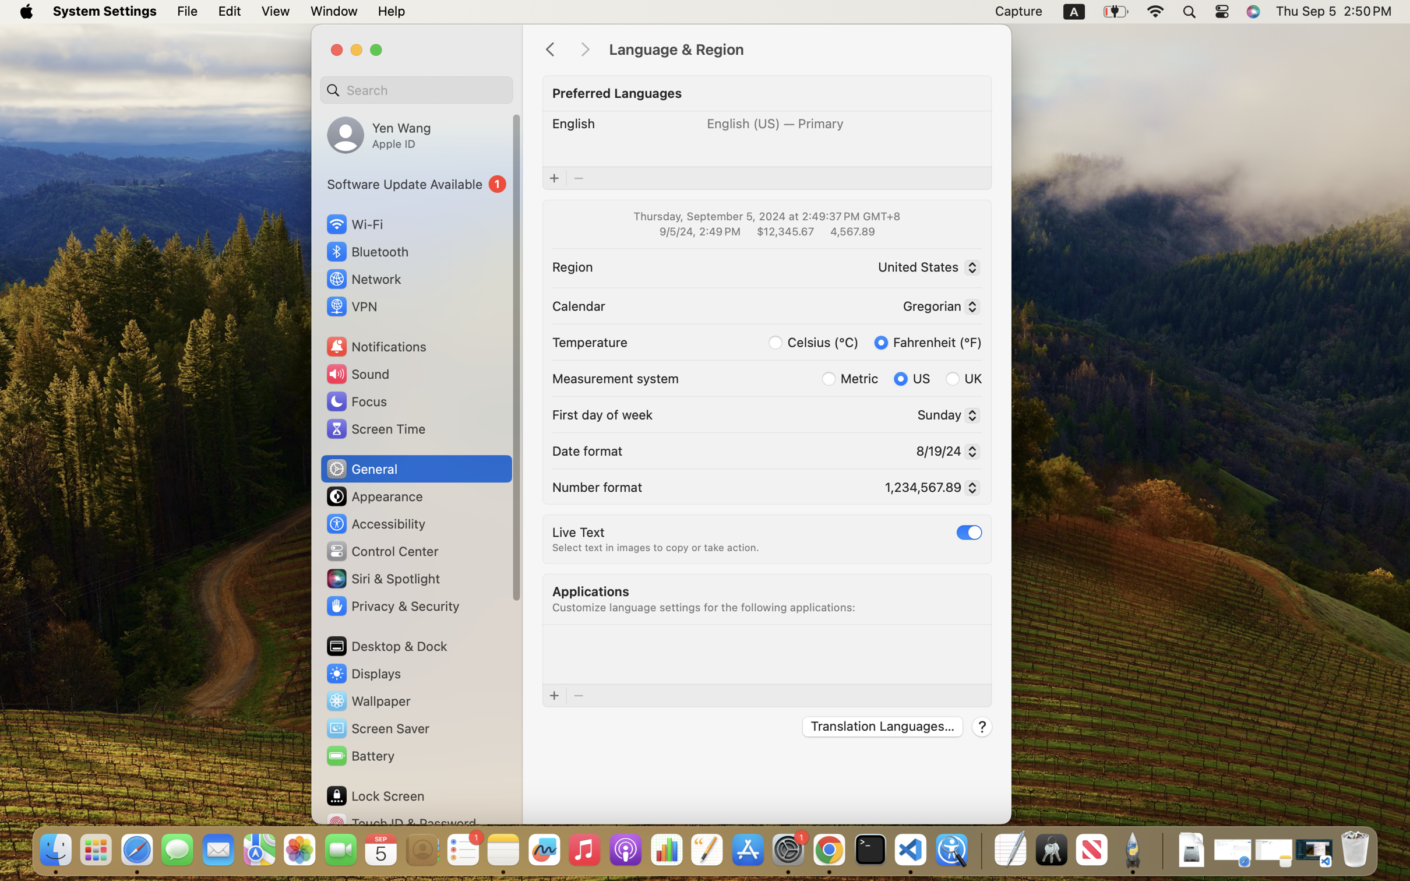 This screenshot has height=881, width=1410. What do you see at coordinates (573, 123) in the screenshot?
I see `'English'` at bounding box center [573, 123].